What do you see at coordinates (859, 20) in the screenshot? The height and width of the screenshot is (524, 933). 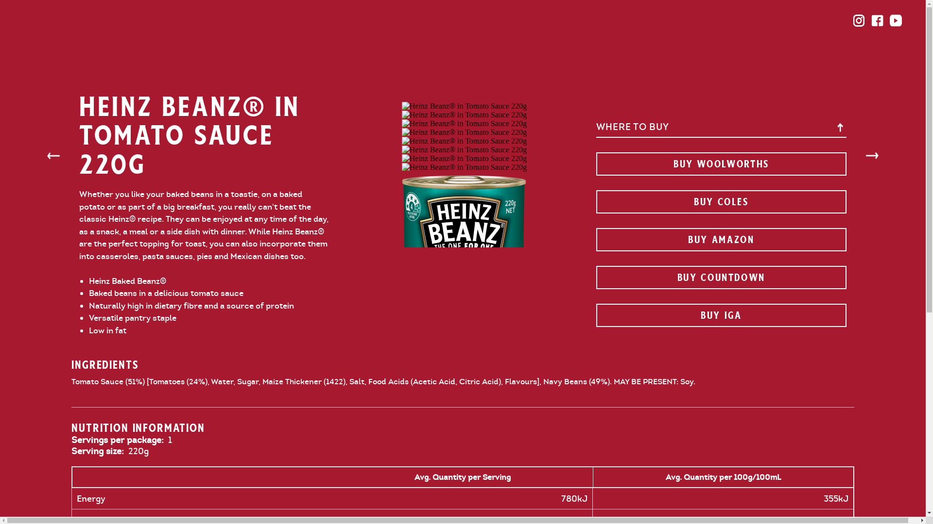 I see `'instagram'` at bounding box center [859, 20].